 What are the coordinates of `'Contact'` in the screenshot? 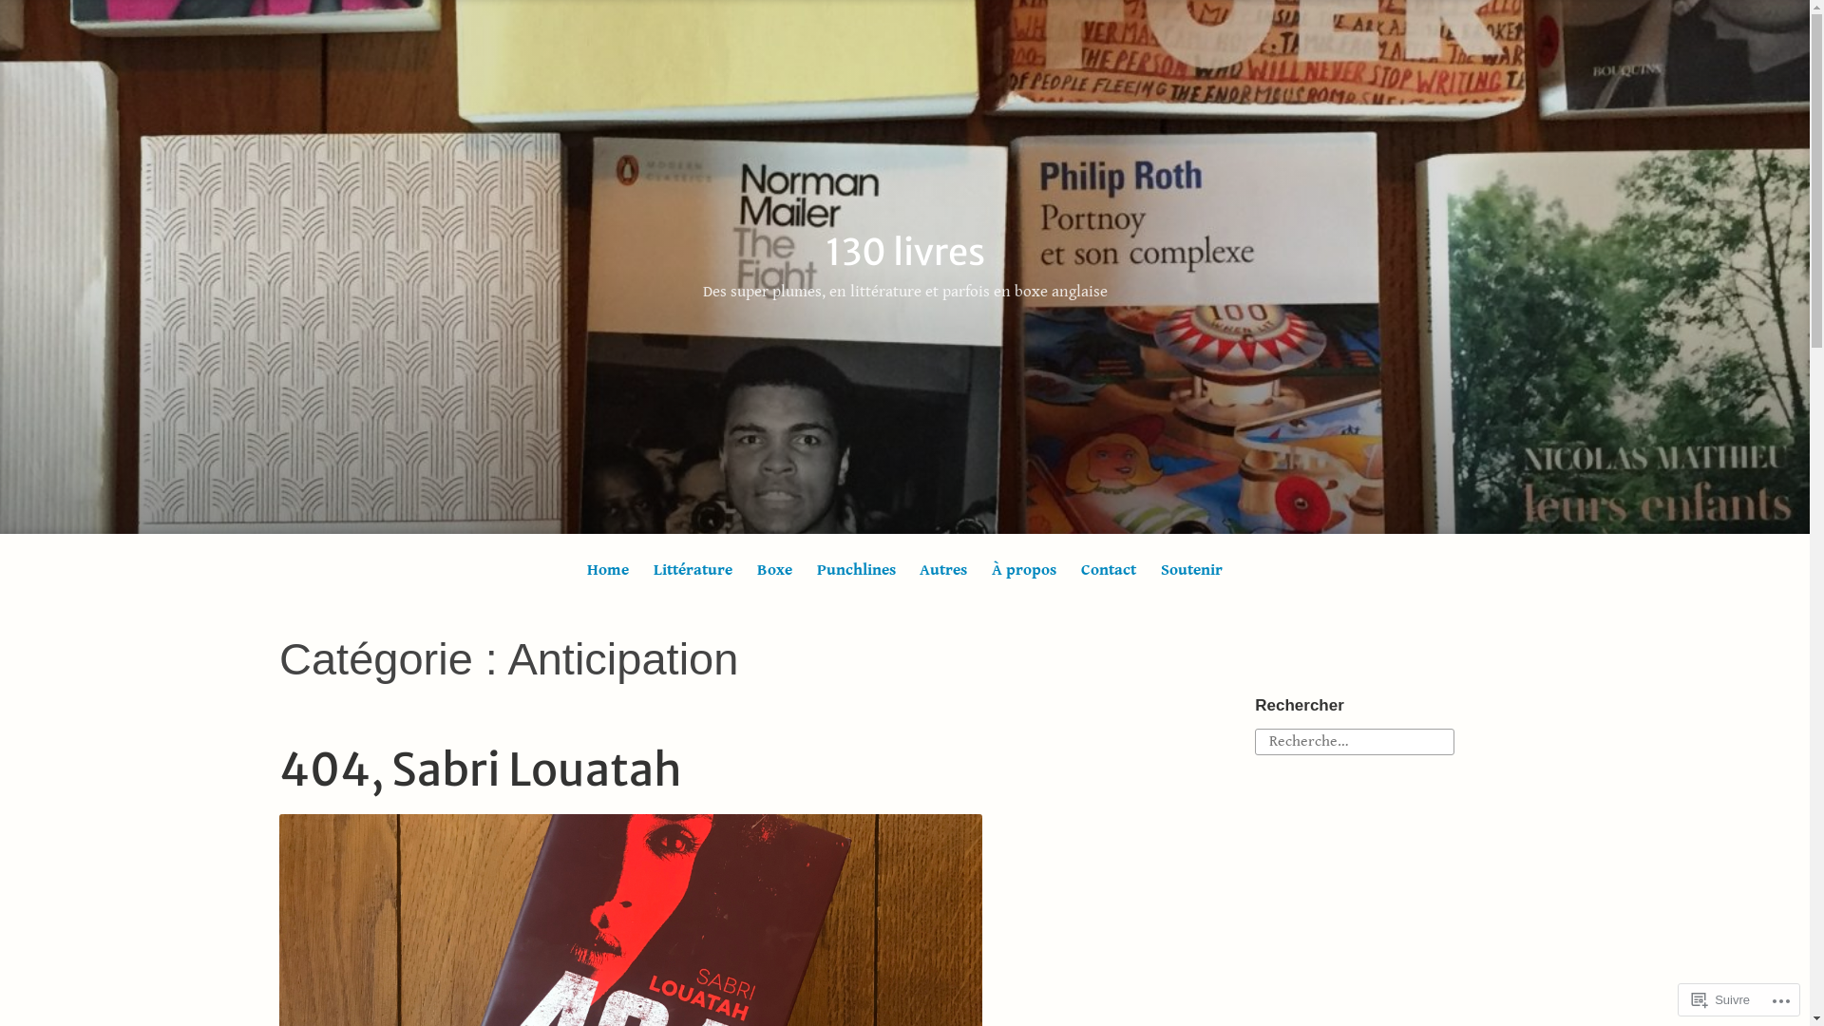 It's located at (1109, 569).